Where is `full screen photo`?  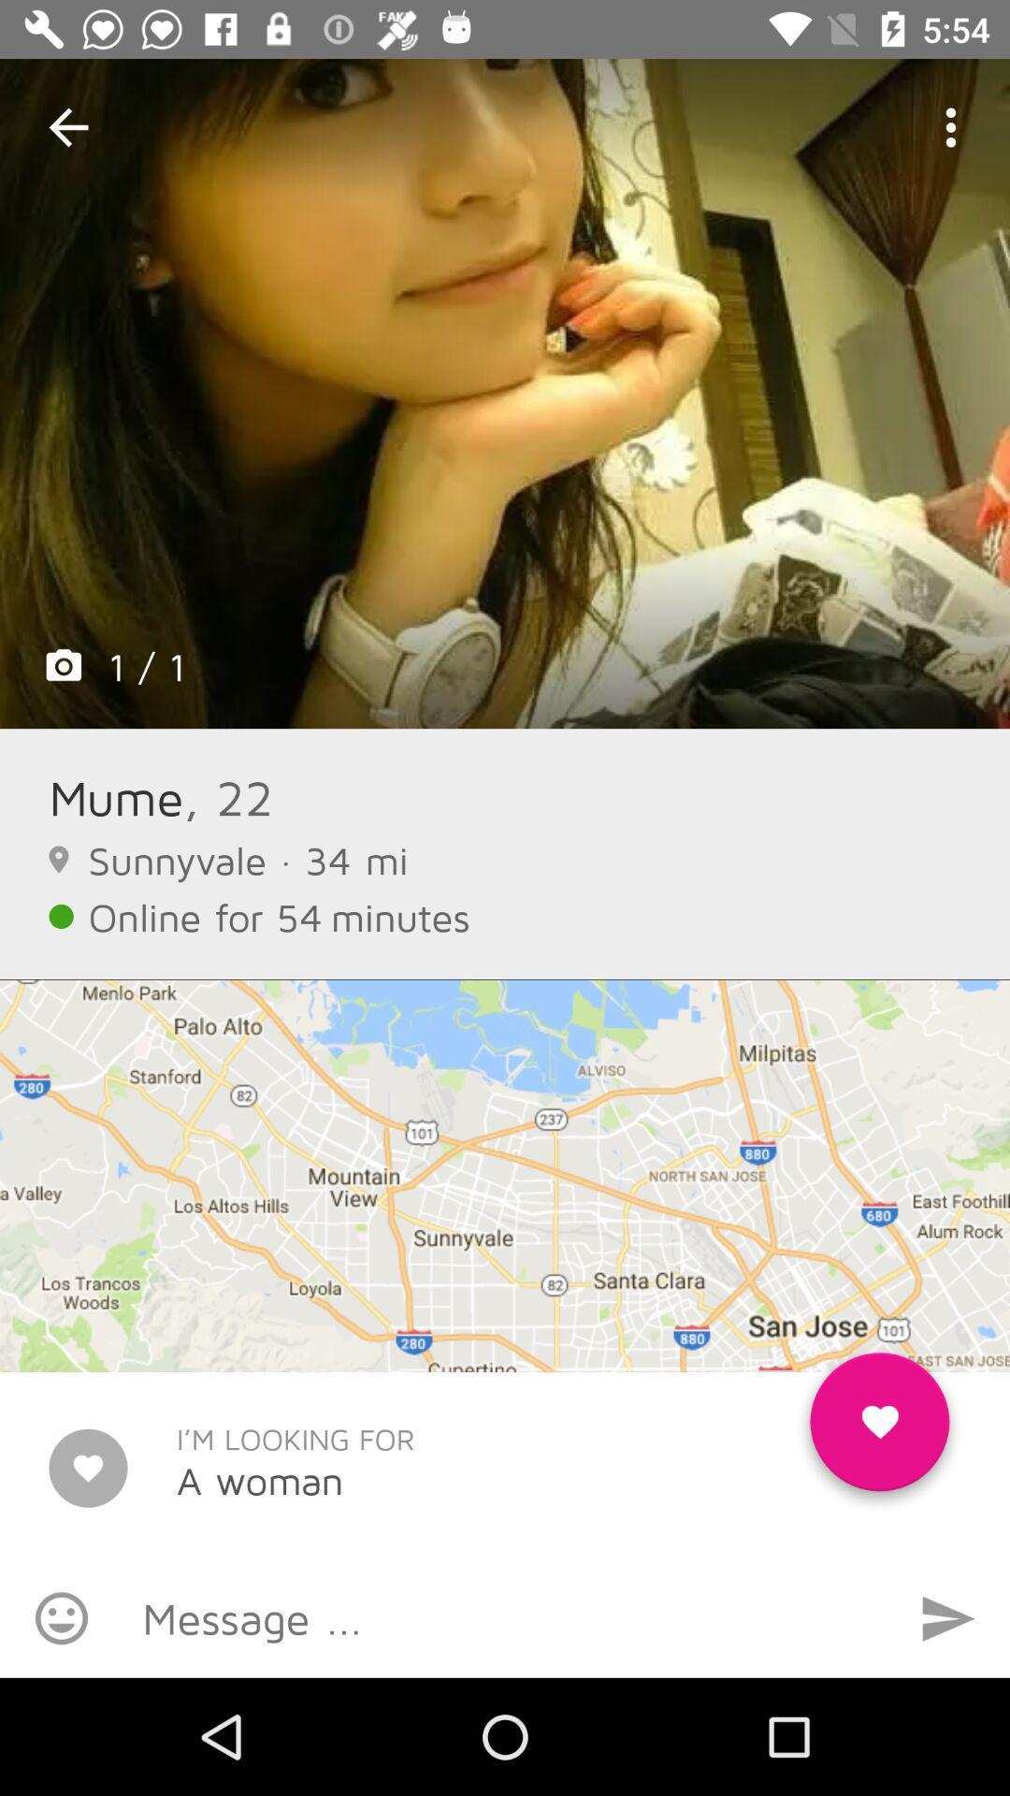 full screen photo is located at coordinates (505, 393).